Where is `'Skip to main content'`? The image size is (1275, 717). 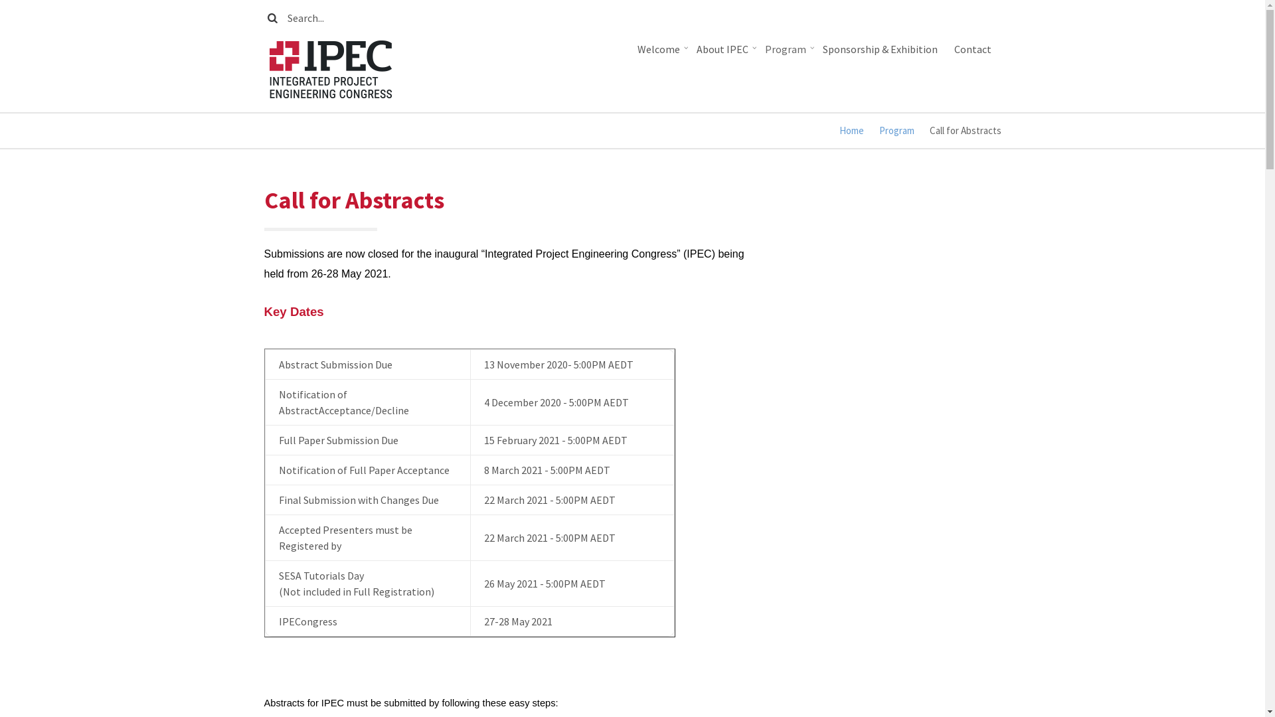 'Skip to main content' is located at coordinates (0, 0).